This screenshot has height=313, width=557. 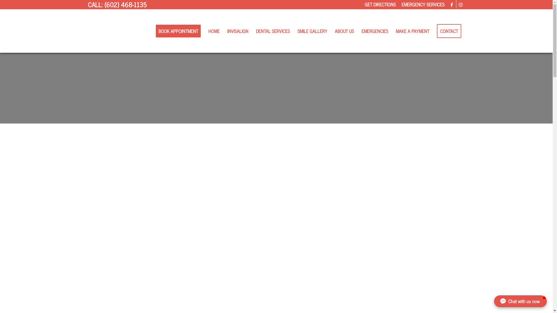 I want to click on 'ABOUT US', so click(x=344, y=31).